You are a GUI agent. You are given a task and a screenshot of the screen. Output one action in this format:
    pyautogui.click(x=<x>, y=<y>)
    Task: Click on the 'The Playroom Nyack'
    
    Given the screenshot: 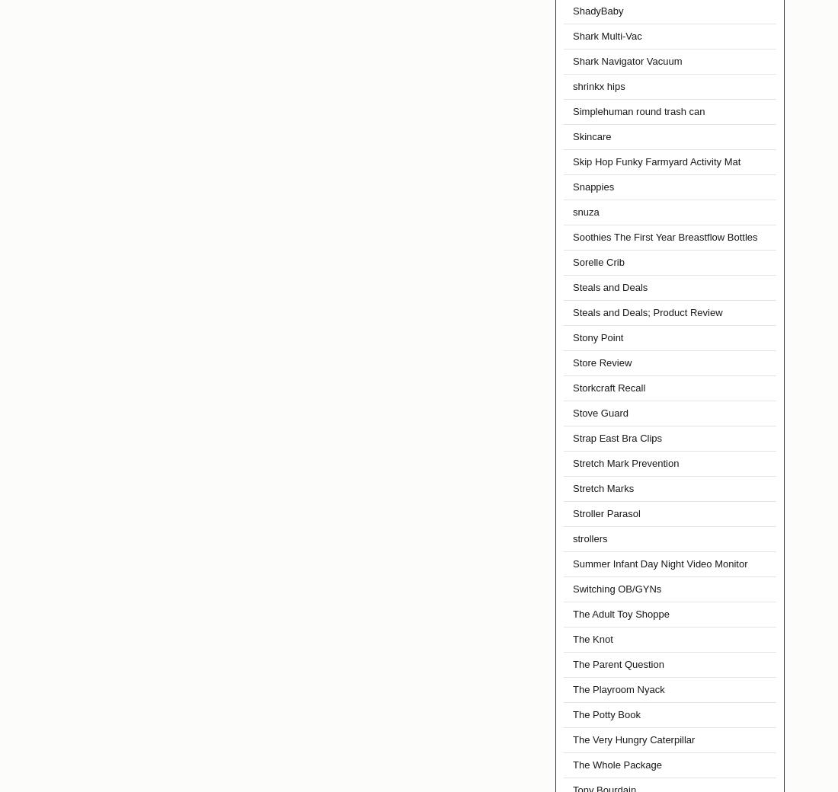 What is the action you would take?
    pyautogui.click(x=619, y=688)
    